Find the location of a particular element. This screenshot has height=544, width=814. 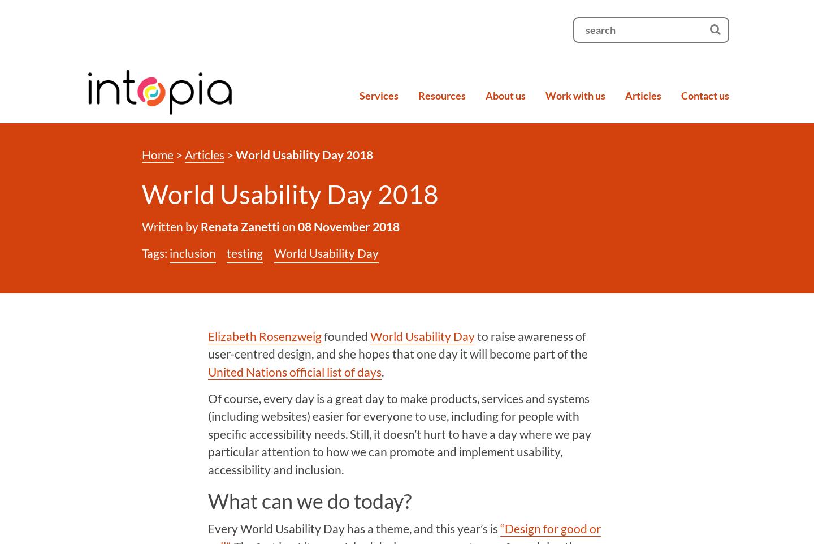

'Services' is located at coordinates (379, 94).